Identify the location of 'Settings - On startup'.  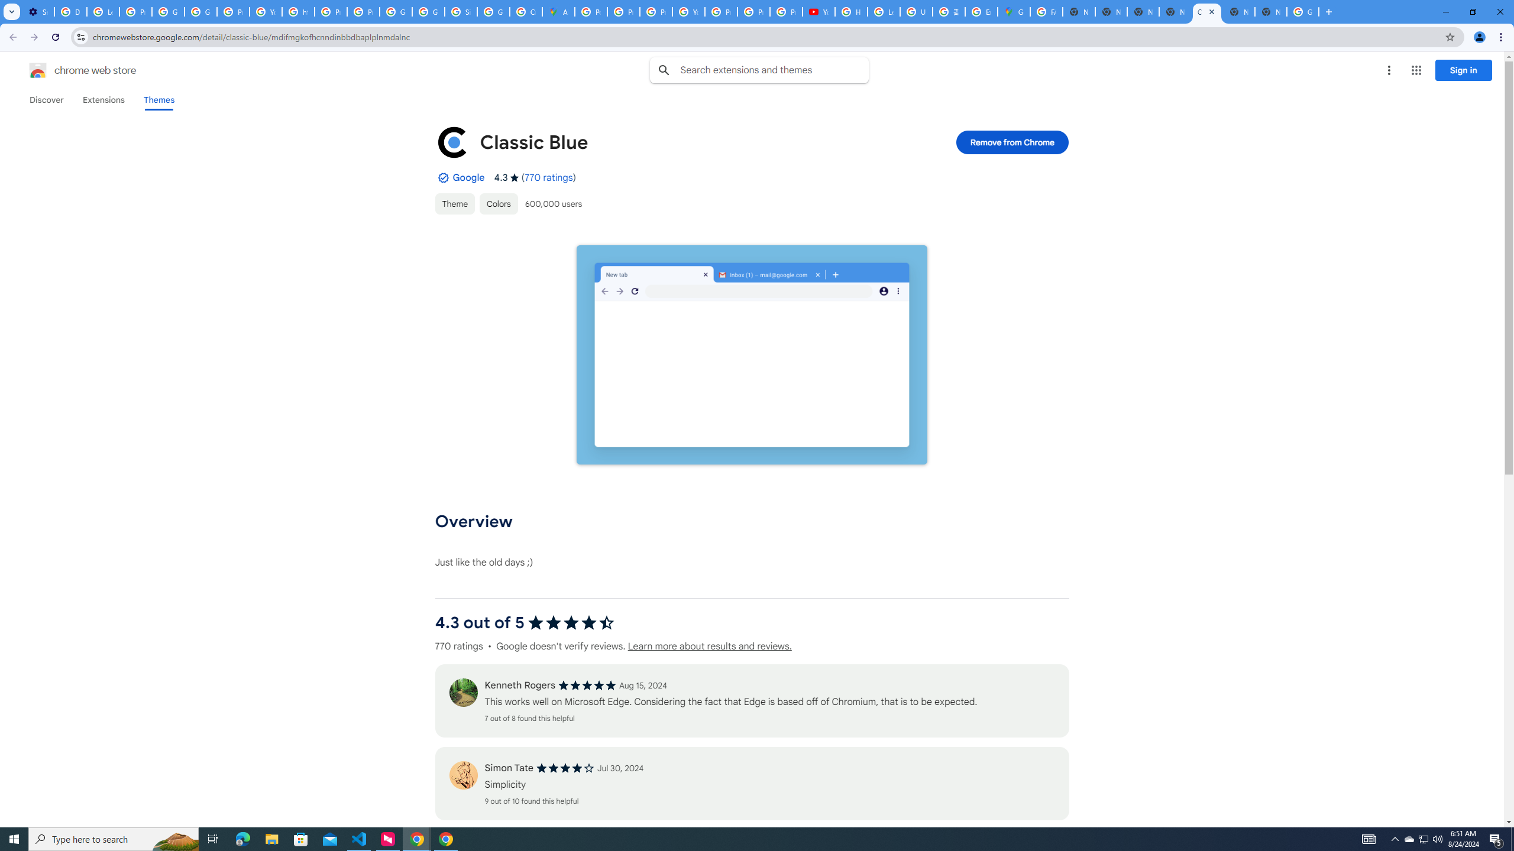
(38, 11).